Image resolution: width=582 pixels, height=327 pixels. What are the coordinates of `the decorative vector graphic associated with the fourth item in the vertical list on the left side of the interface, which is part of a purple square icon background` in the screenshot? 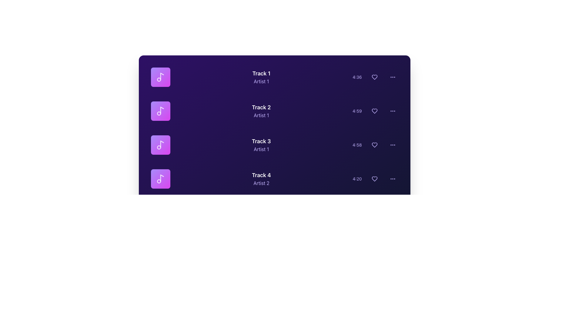 It's located at (161, 178).